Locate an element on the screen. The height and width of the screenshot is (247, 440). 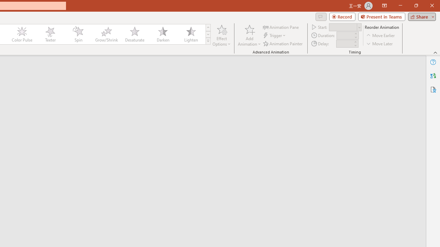
'Color Pulse' is located at coordinates (22, 34).